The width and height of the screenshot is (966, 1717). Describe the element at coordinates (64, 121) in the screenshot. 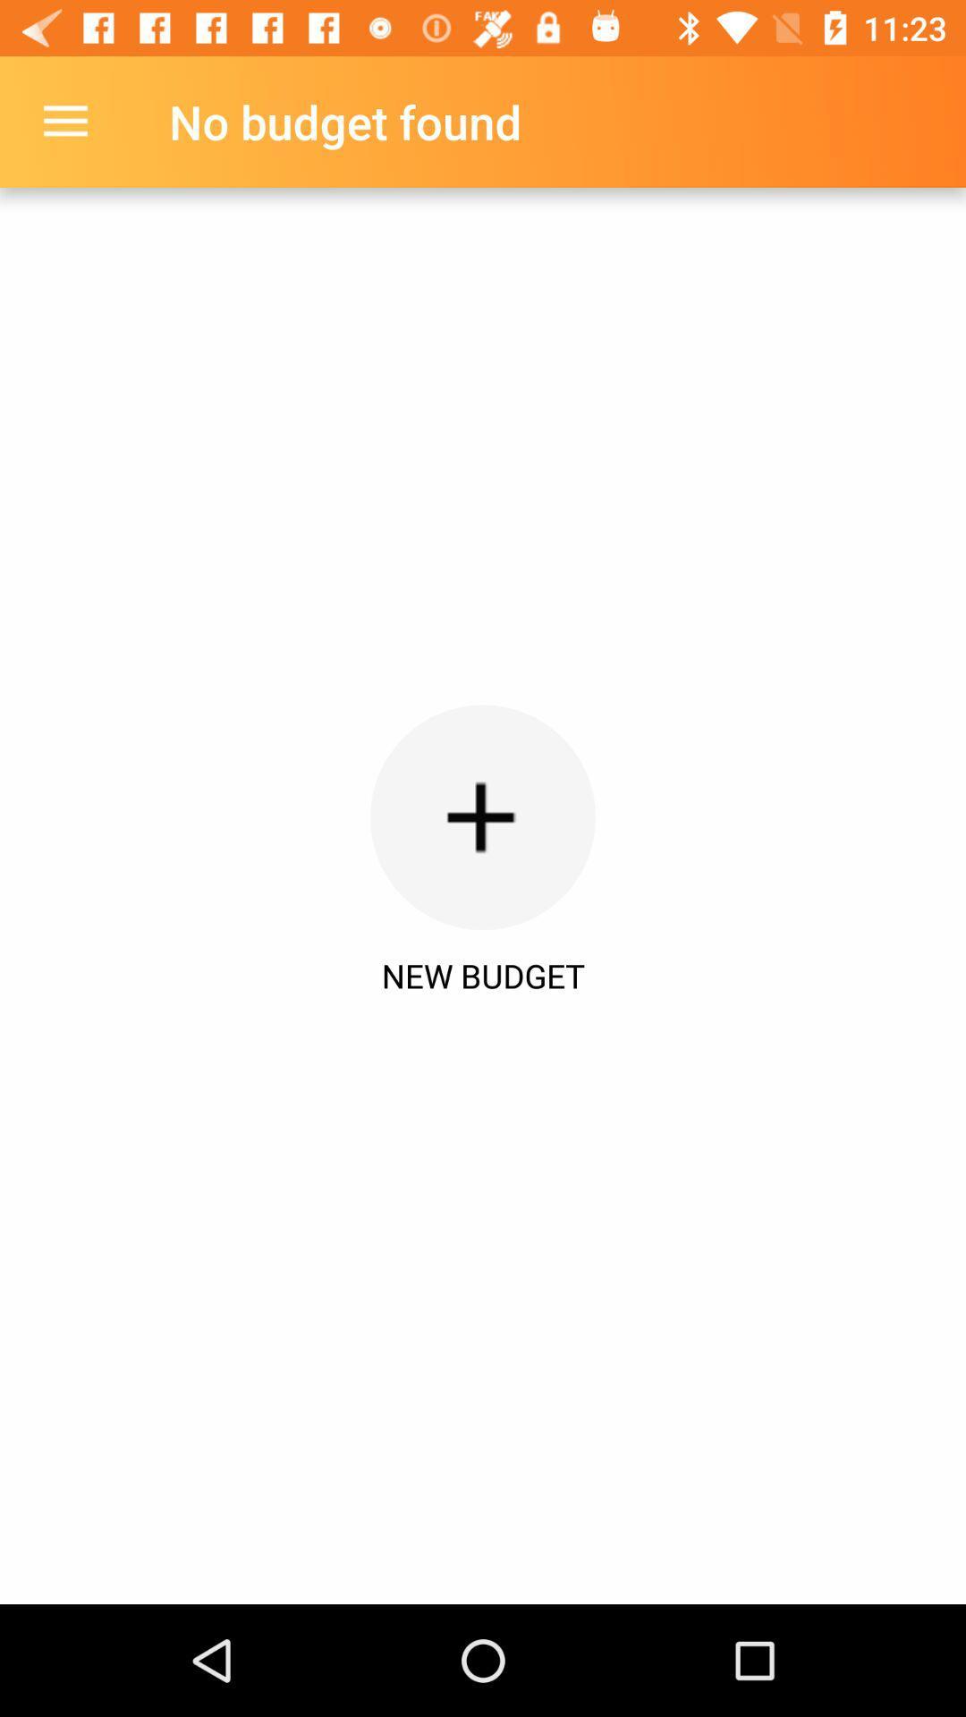

I see `item to the left of the no budget found item` at that location.